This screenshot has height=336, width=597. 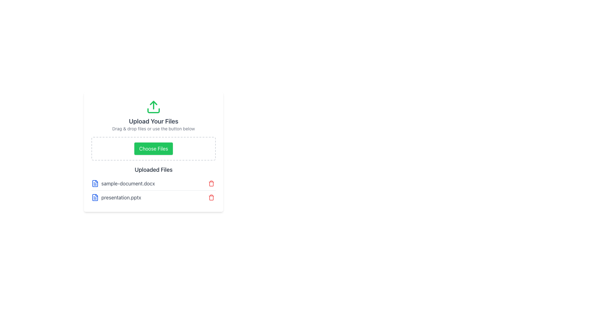 I want to click on the upload icon located above the heading 'Upload Your Files', which represents the file upload functionality, so click(x=154, y=106).